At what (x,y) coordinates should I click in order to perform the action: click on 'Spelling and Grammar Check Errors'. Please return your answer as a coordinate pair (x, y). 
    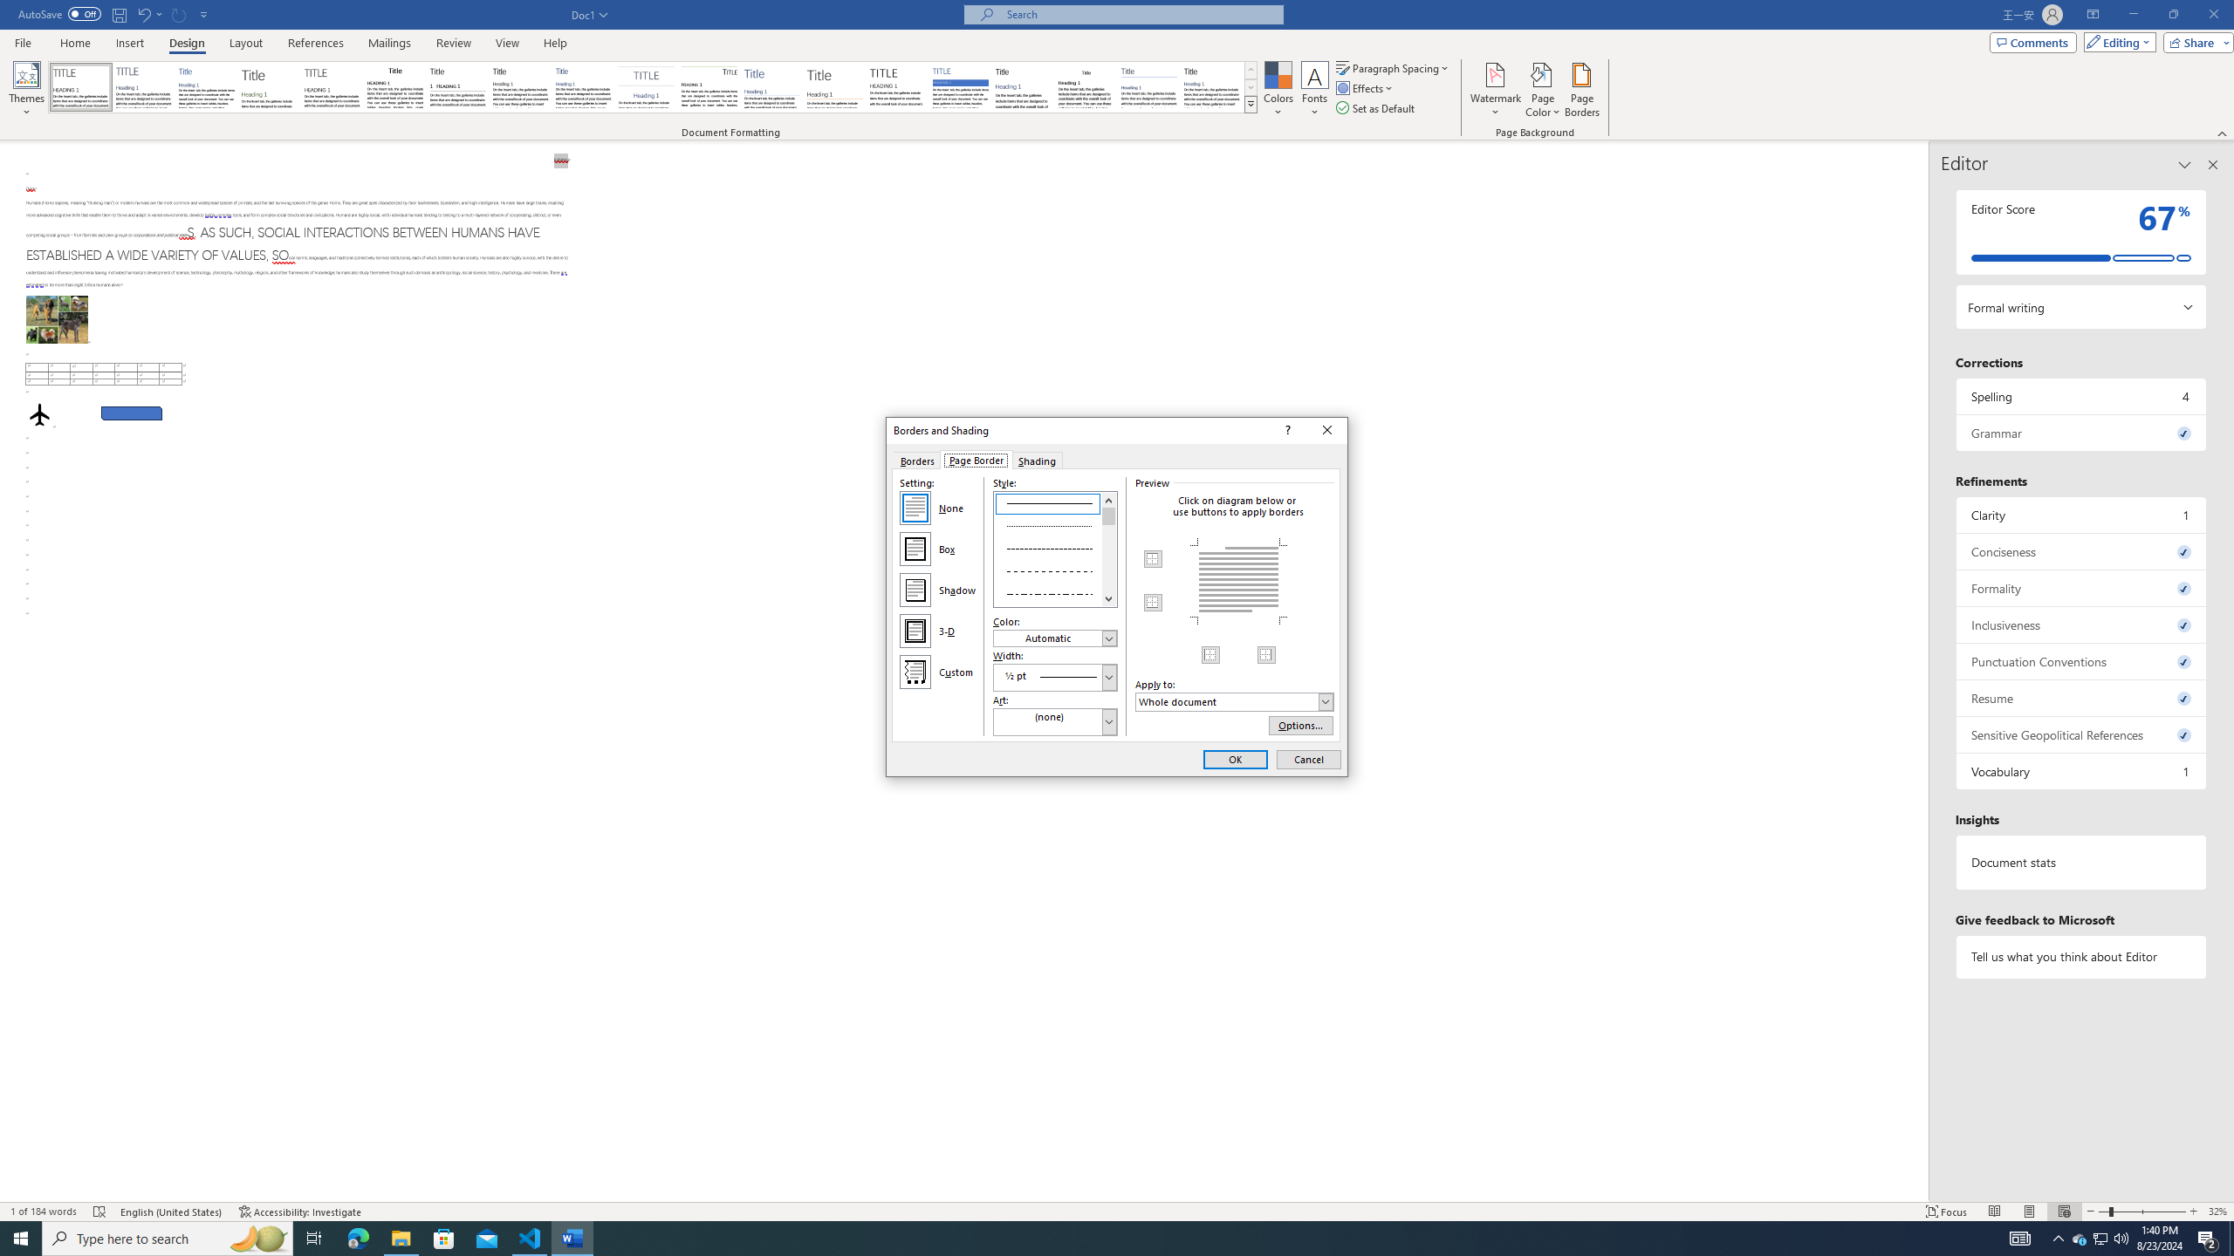
    Looking at the image, I should click on (99, 1212).